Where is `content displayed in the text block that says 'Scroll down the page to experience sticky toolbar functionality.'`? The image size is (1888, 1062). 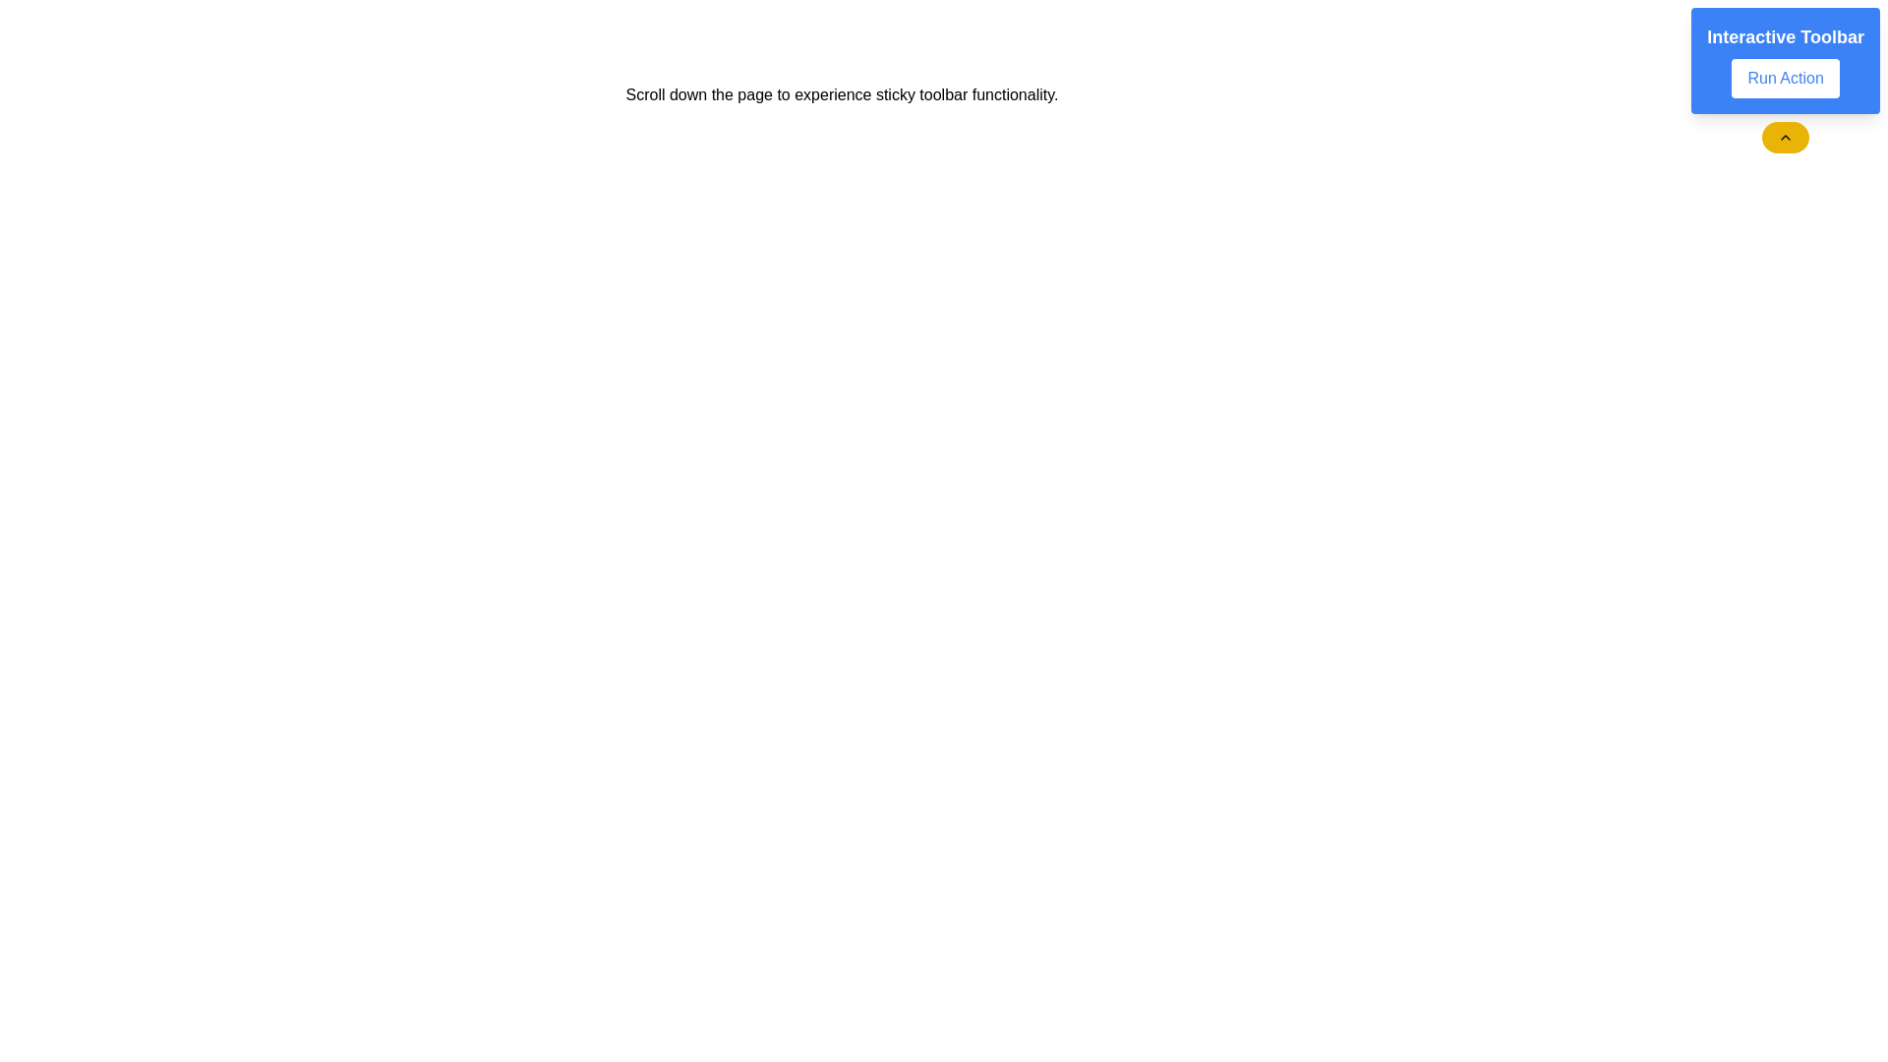 content displayed in the text block that says 'Scroll down the page to experience sticky toolbar functionality.' is located at coordinates (842, 94).